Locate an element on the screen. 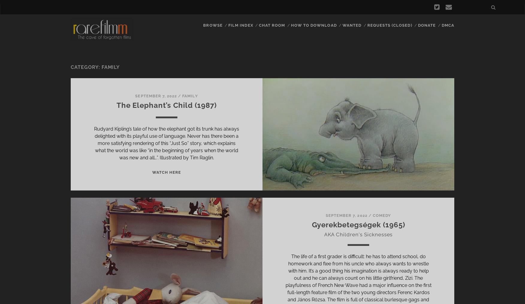  'How to Download' is located at coordinates (313, 25).